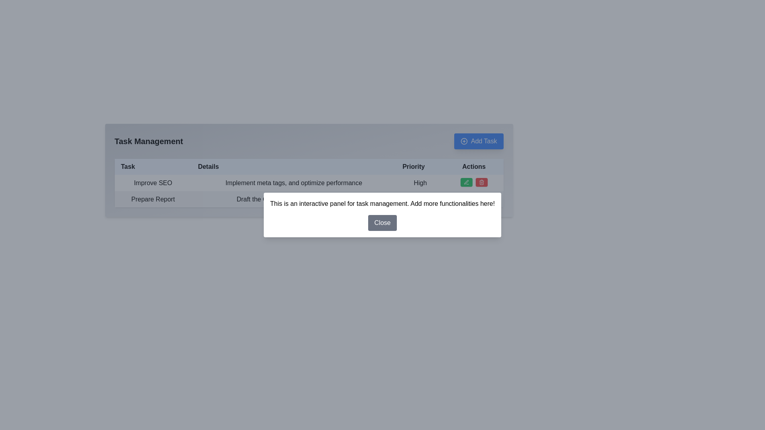 The image size is (765, 430). Describe the element at coordinates (382, 203) in the screenshot. I see `the static text label stating: 'This is an interactive panel for task management. Add more functionalities here!' which is located near the top of the modal above the 'Close' button` at that location.